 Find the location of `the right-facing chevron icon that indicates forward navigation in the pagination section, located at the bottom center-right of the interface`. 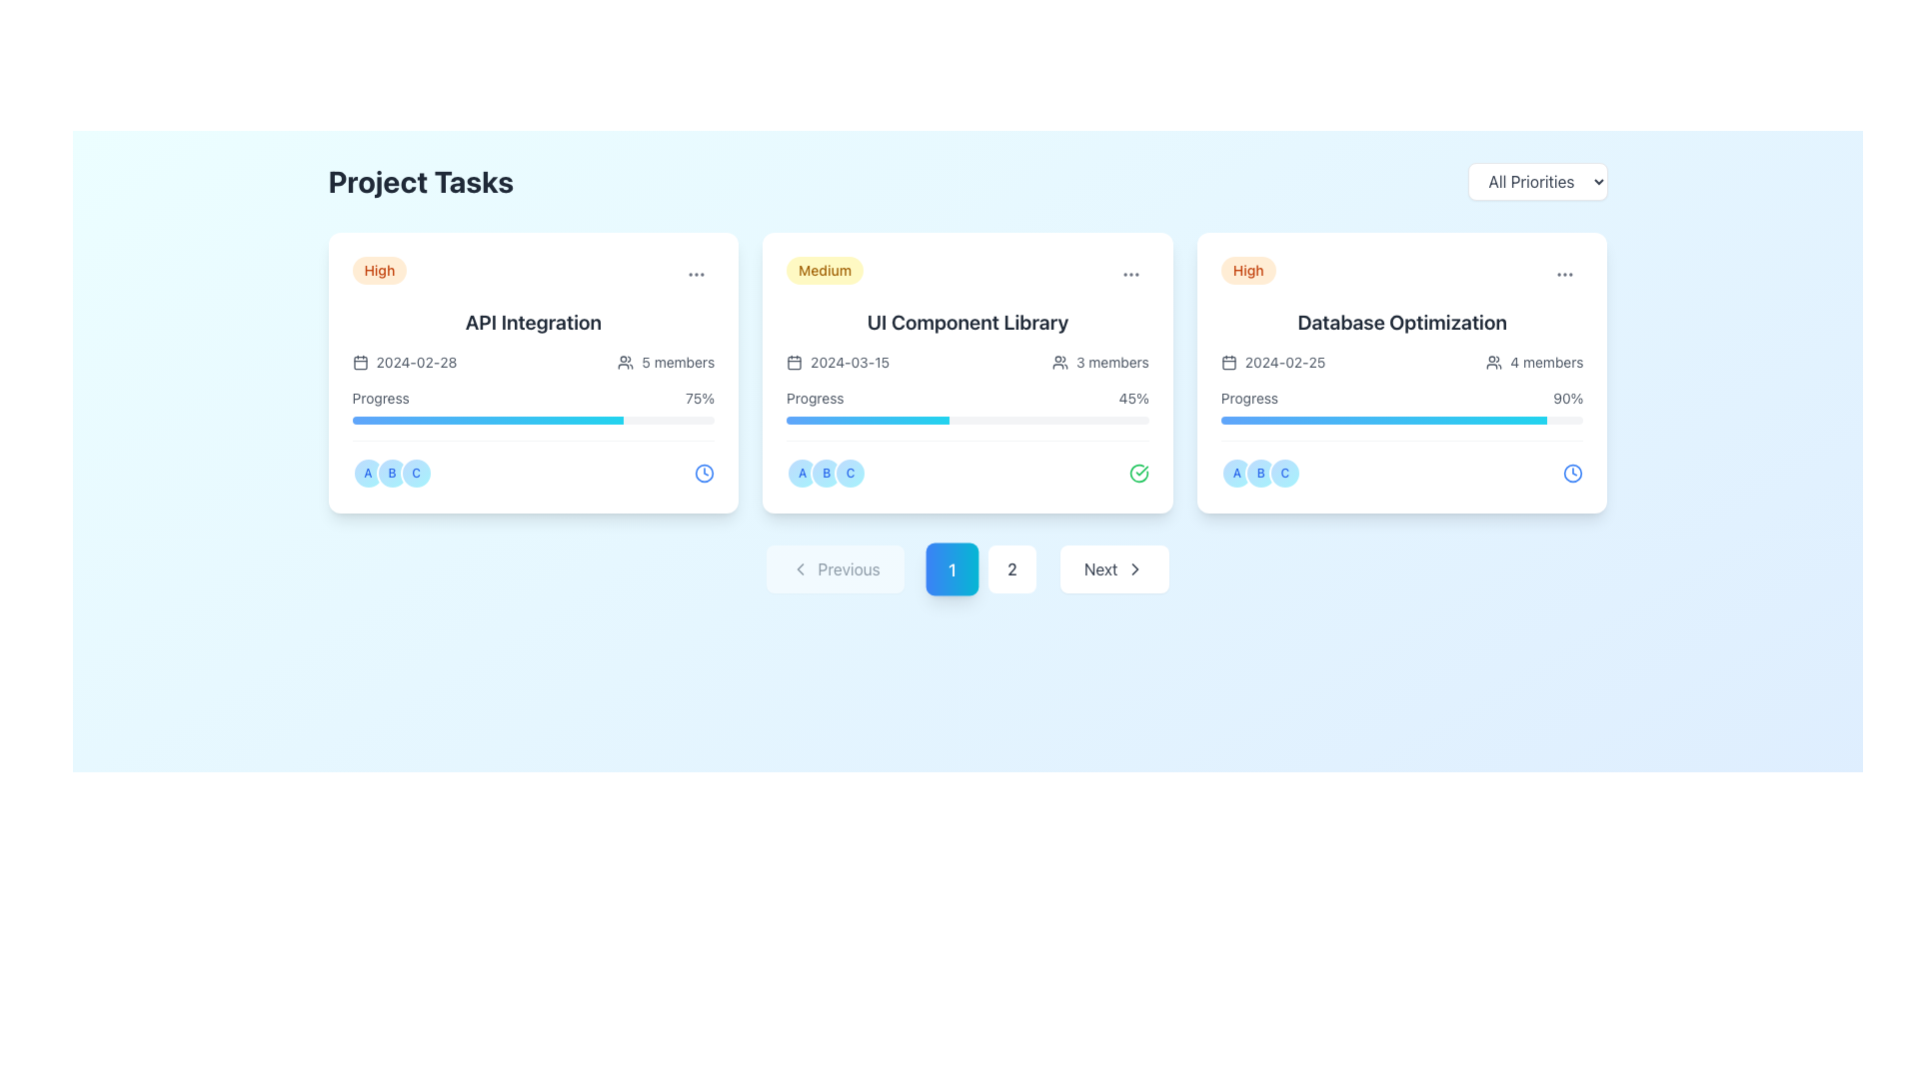

the right-facing chevron icon that indicates forward navigation in the pagination section, located at the bottom center-right of the interface is located at coordinates (1135, 569).